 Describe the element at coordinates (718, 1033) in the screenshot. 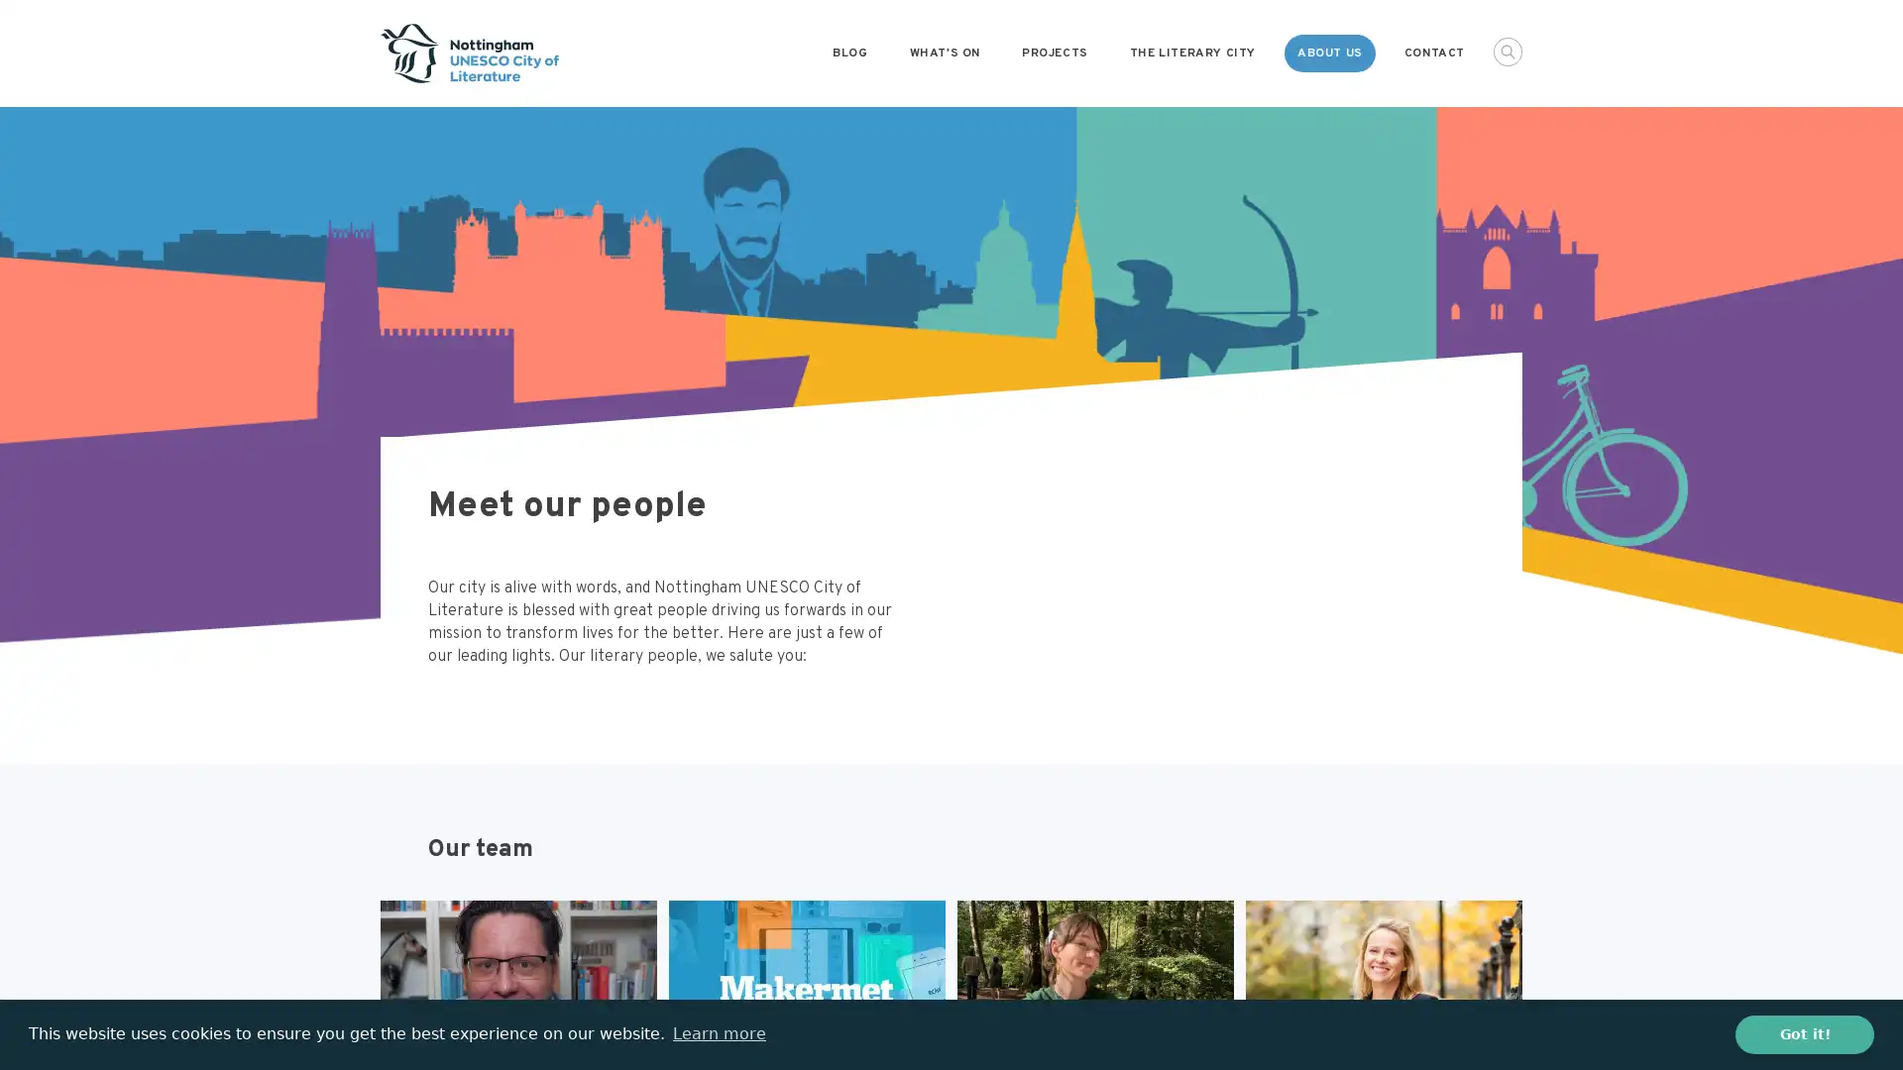

I see `learn more about cookies` at that location.